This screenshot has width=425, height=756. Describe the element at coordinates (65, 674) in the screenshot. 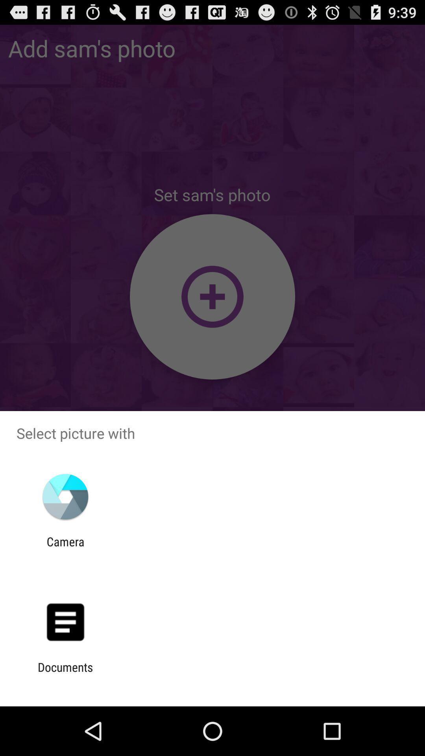

I see `the documents item` at that location.